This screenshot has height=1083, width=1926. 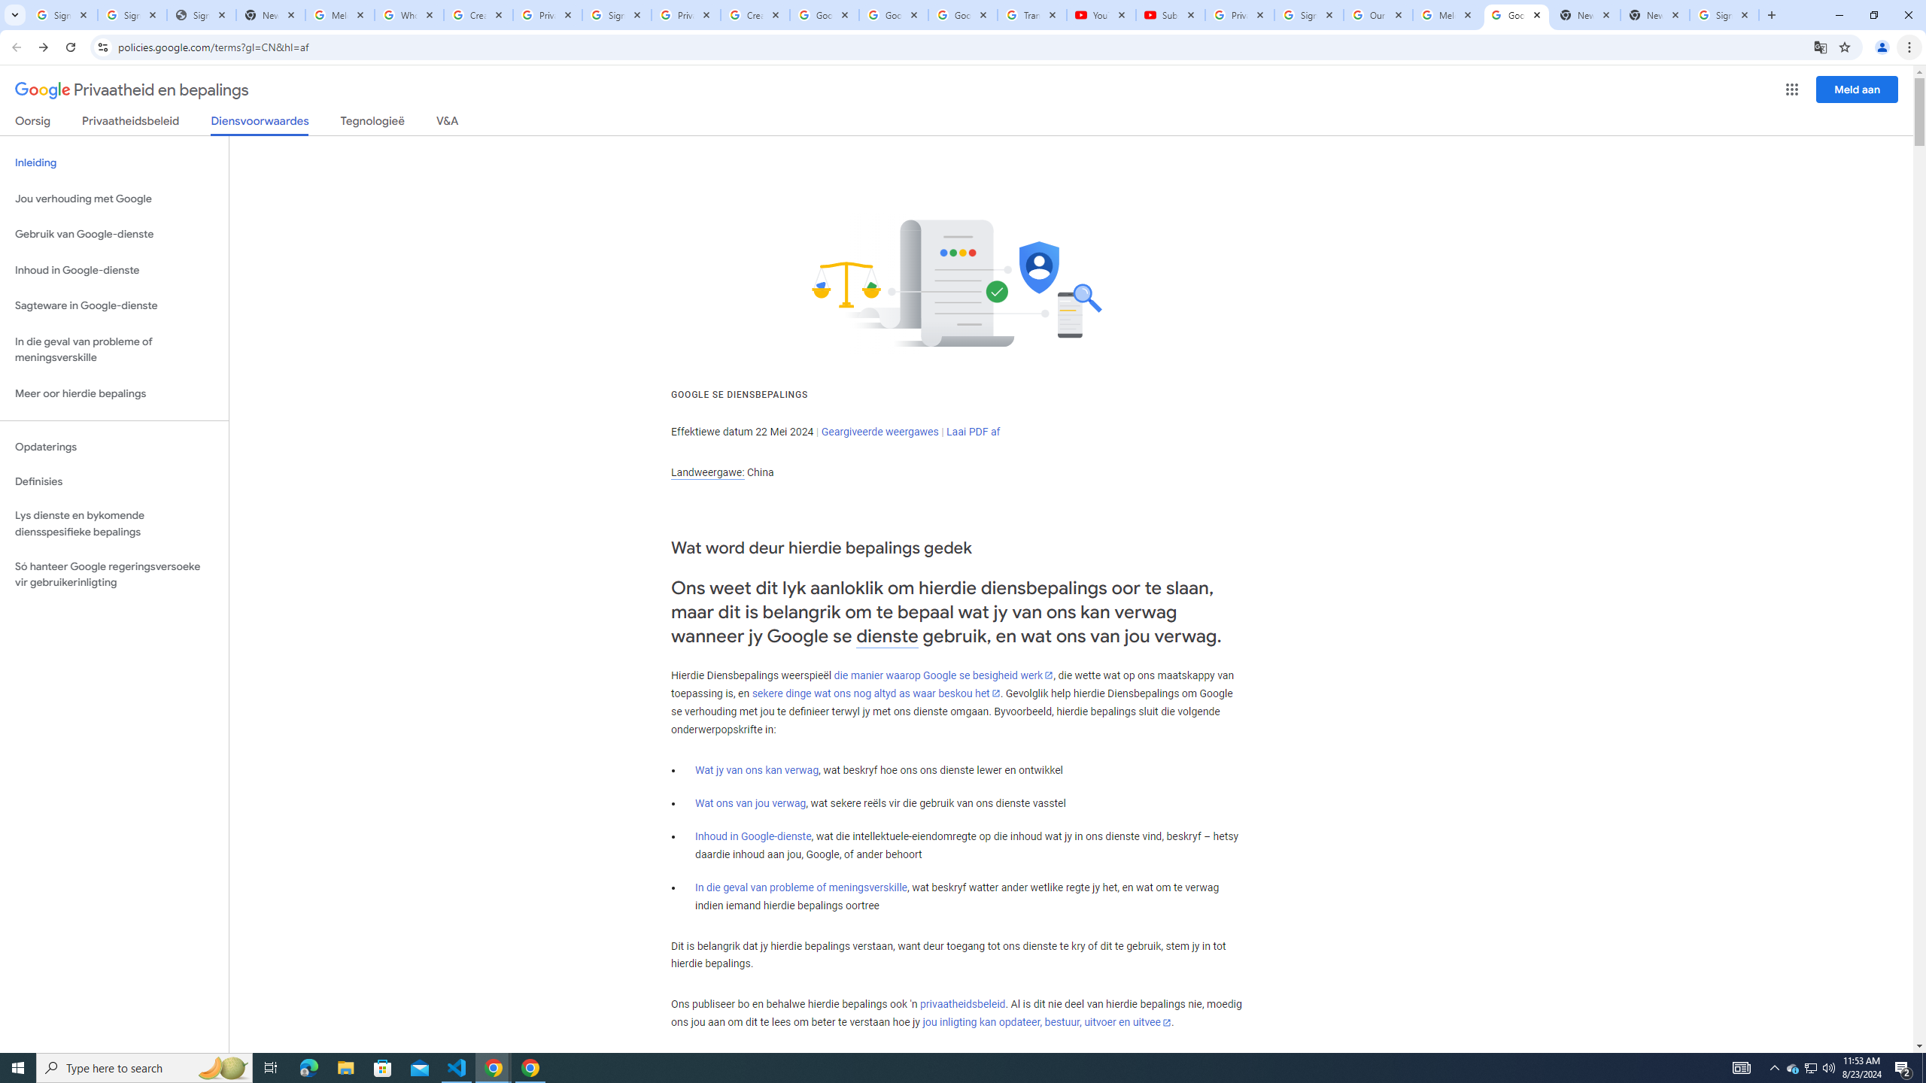 What do you see at coordinates (887, 636) in the screenshot?
I see `'dienste'` at bounding box center [887, 636].